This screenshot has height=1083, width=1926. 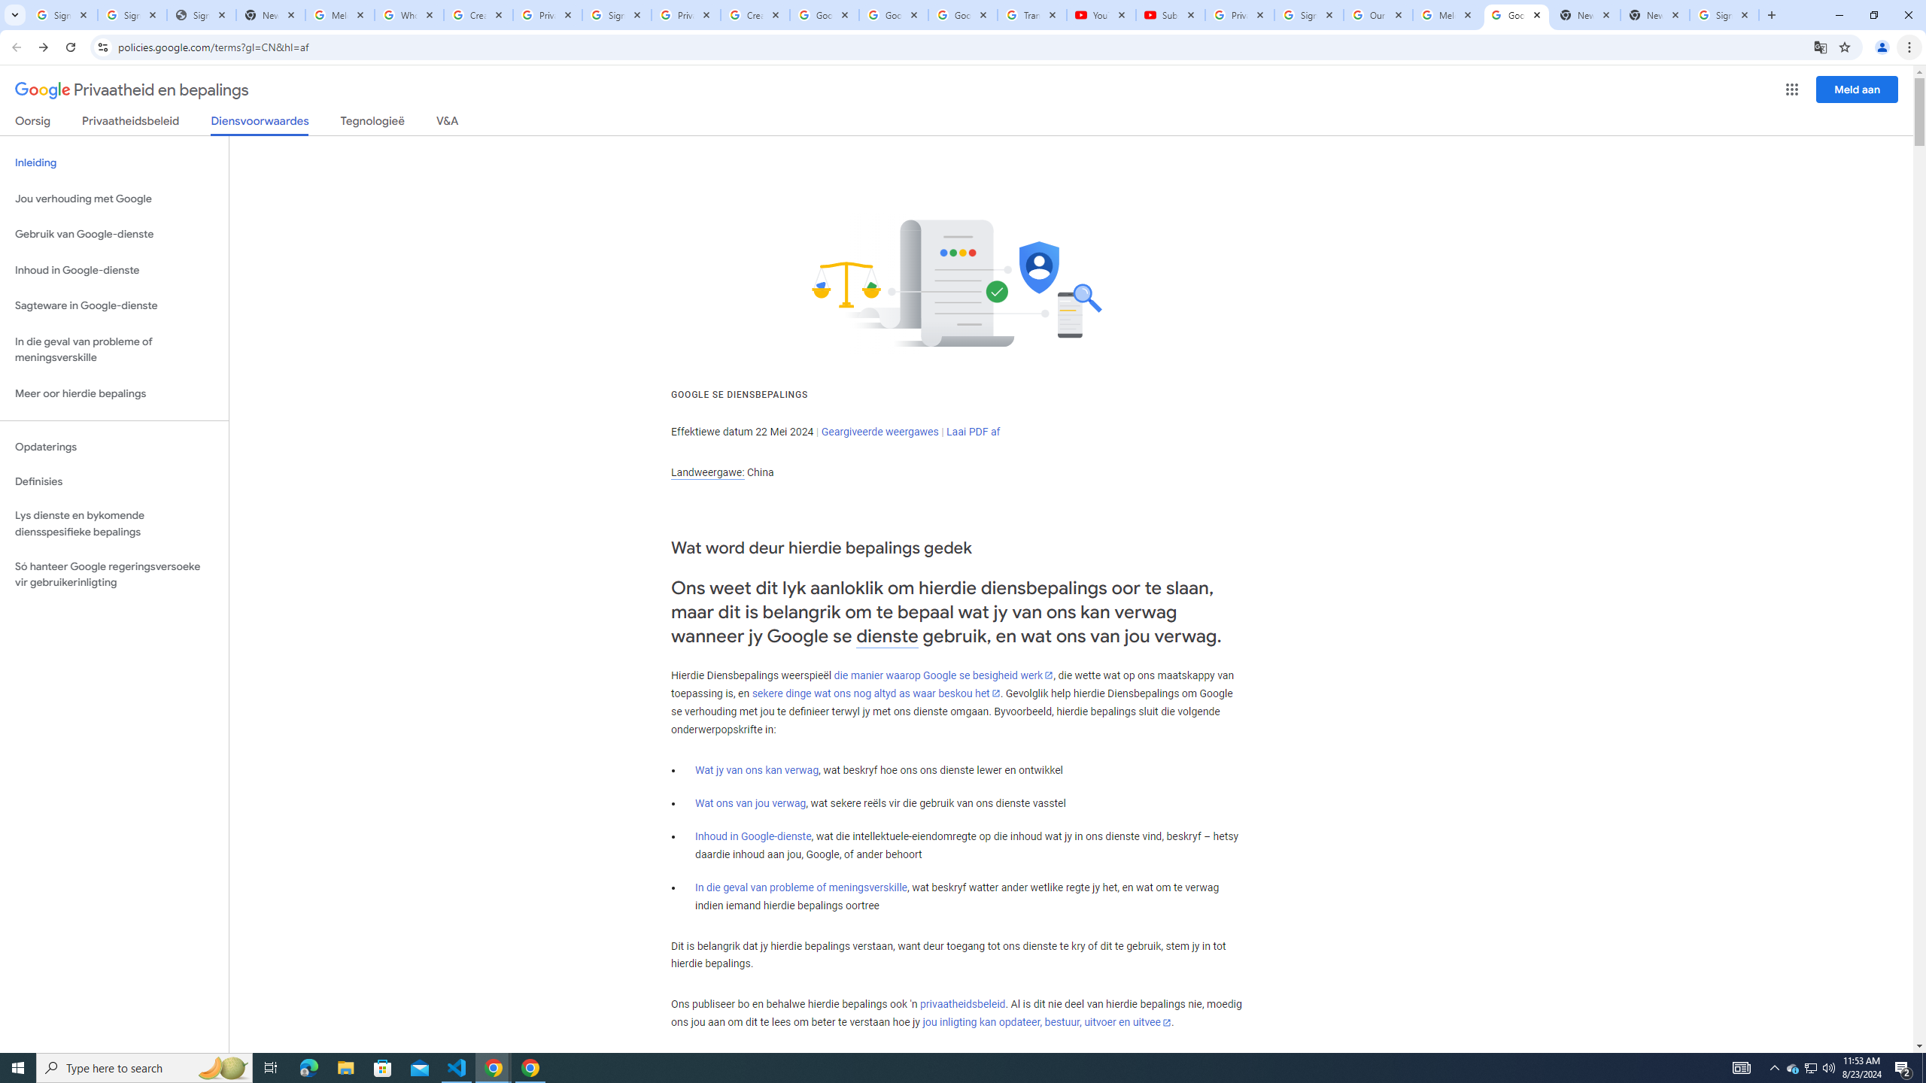 What do you see at coordinates (887, 636) in the screenshot?
I see `'dienste'` at bounding box center [887, 636].